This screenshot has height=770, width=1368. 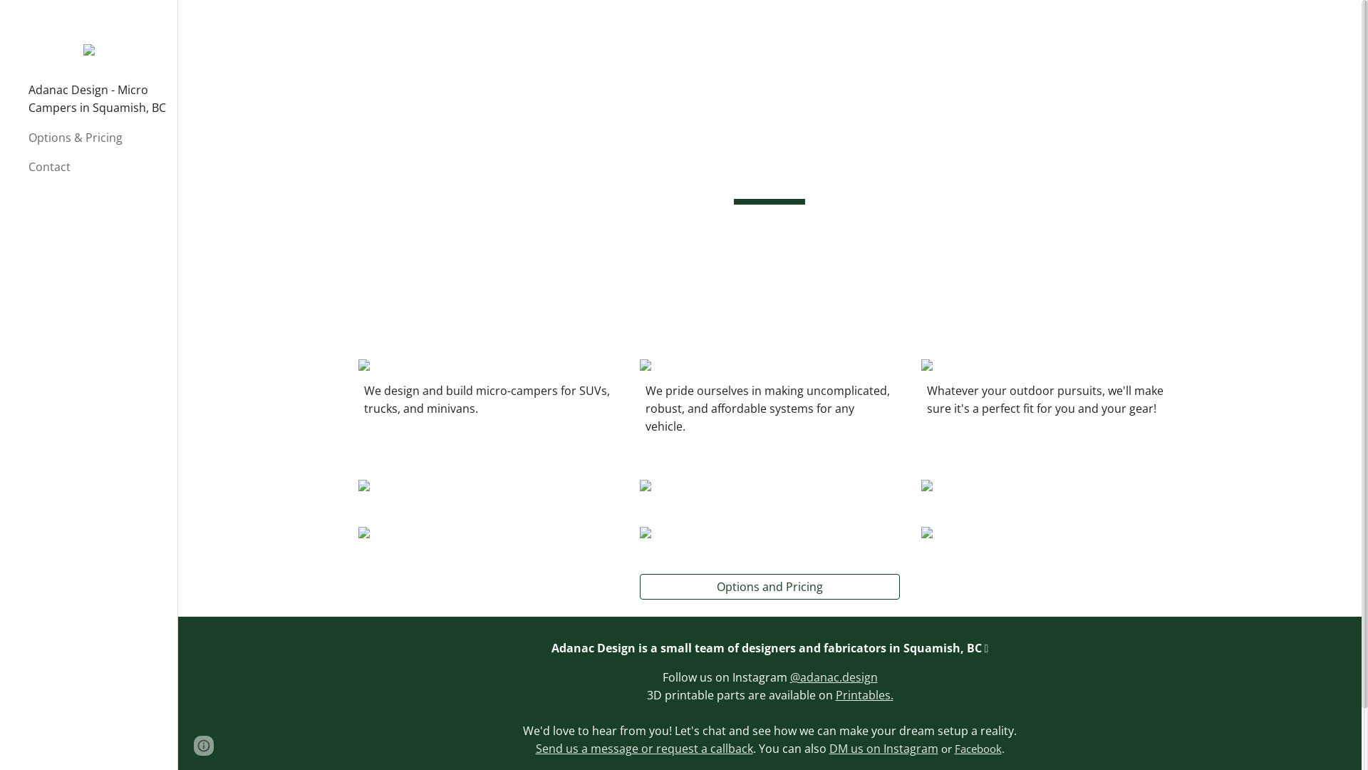 I want to click on 'Facebook', so click(x=977, y=747).